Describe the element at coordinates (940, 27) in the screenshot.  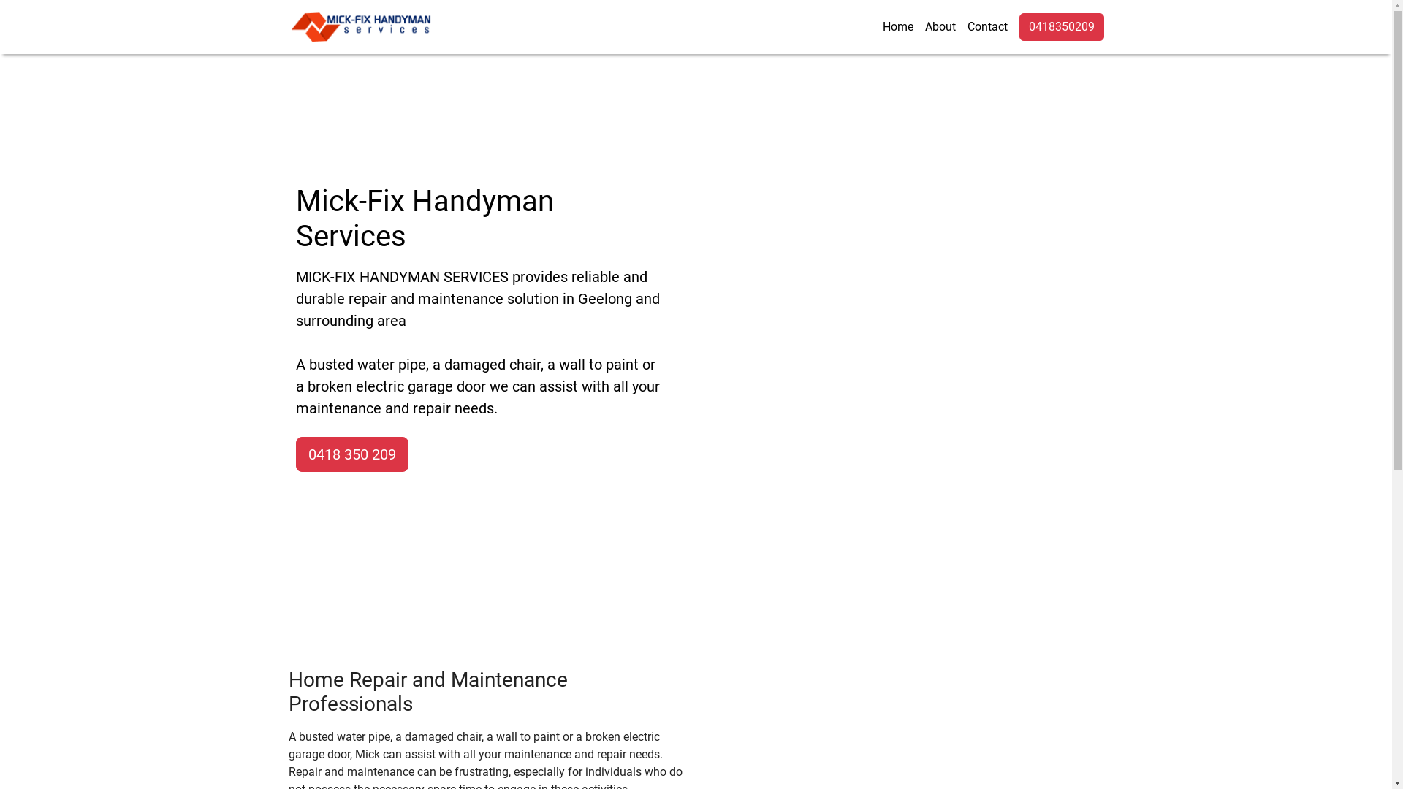
I see `'About'` at that location.